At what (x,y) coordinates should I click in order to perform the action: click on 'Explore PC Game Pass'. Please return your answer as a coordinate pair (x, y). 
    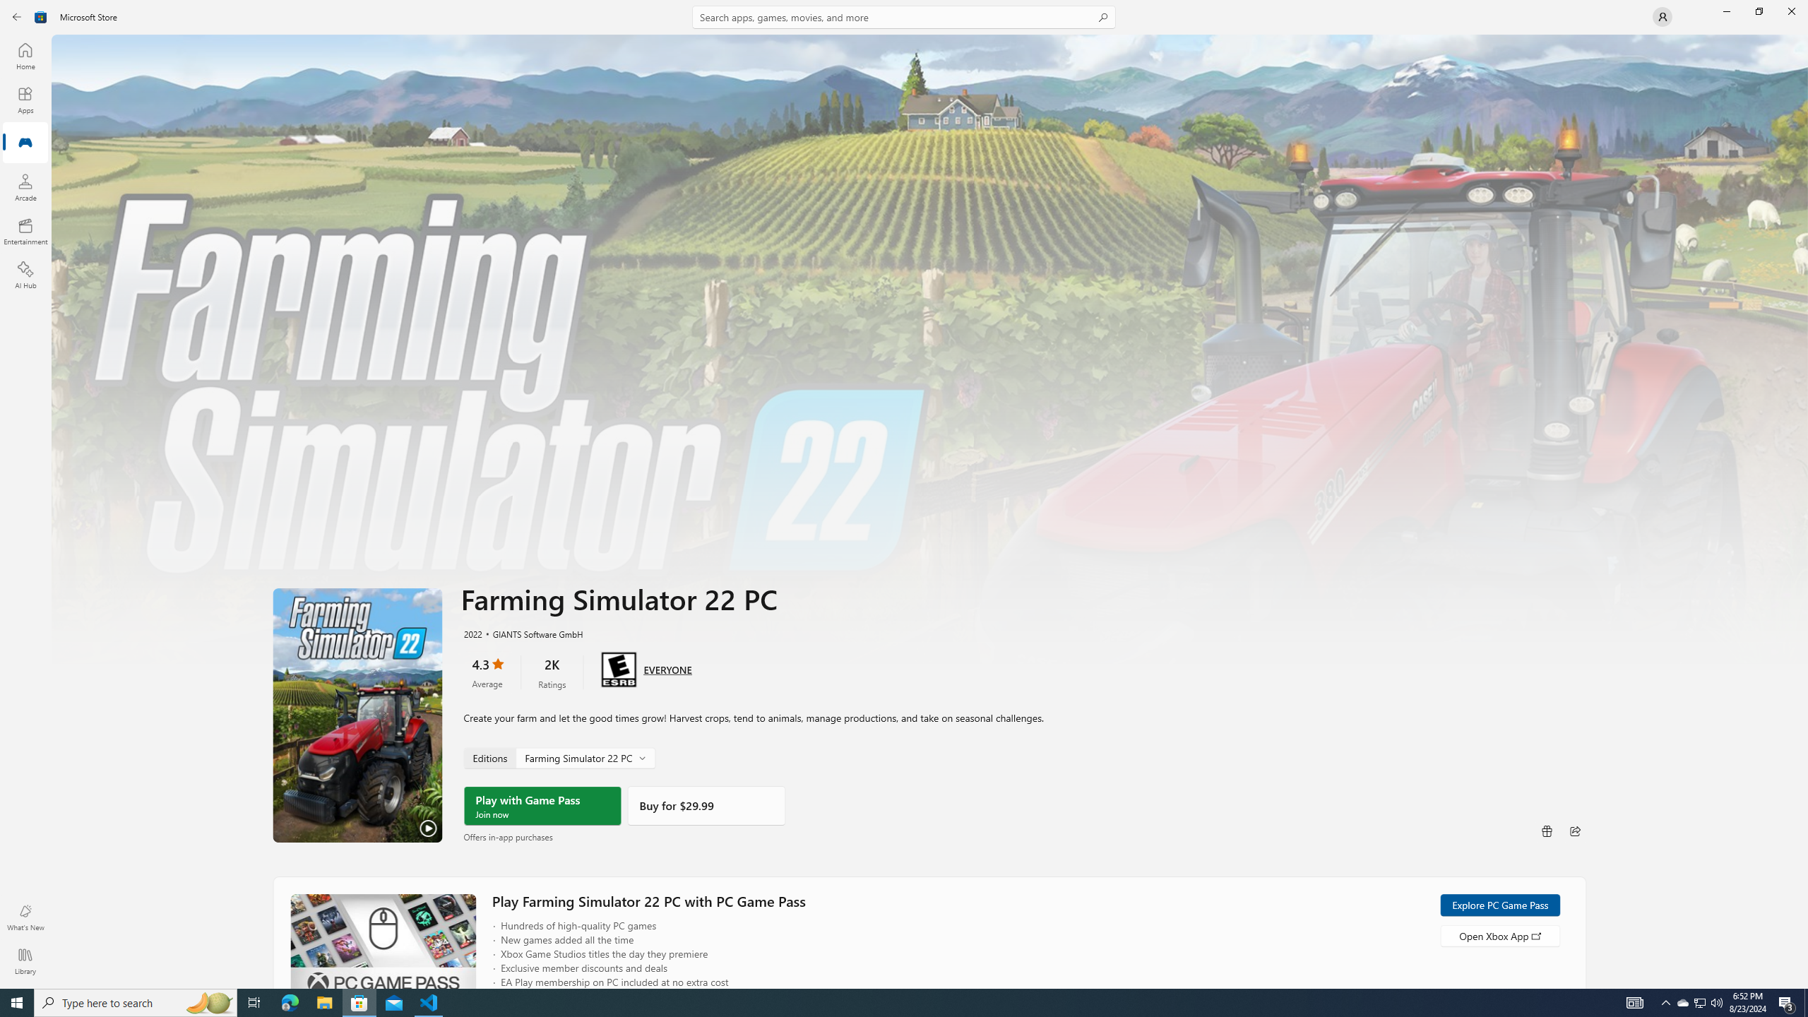
    Looking at the image, I should click on (1499, 904).